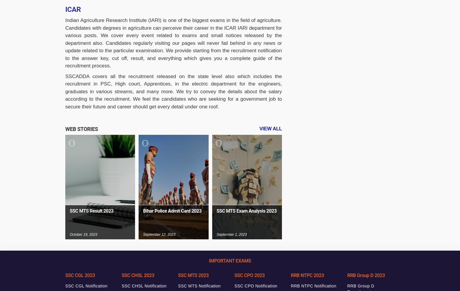  Describe the element at coordinates (121, 286) in the screenshot. I see `'SSC CHSL Notification'` at that location.